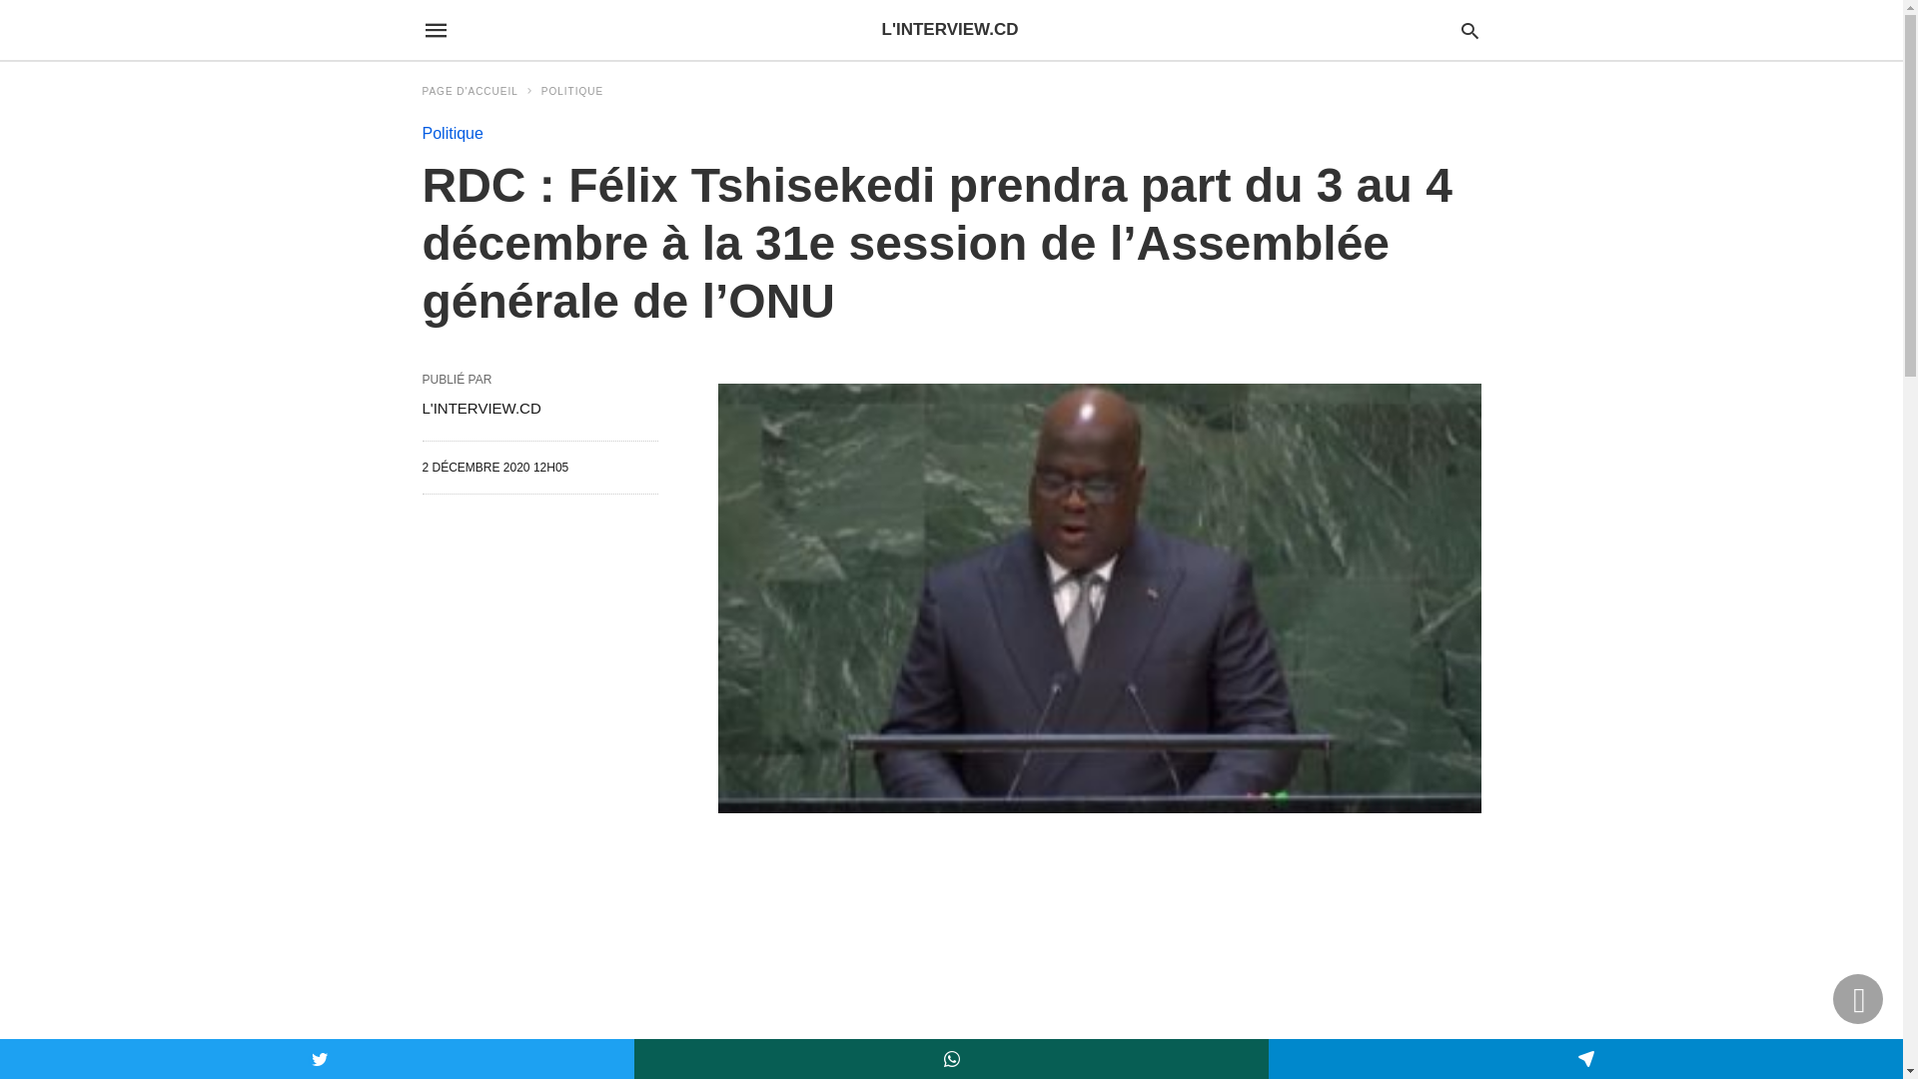 This screenshot has height=1079, width=1918. I want to click on 'Politique', so click(451, 133).